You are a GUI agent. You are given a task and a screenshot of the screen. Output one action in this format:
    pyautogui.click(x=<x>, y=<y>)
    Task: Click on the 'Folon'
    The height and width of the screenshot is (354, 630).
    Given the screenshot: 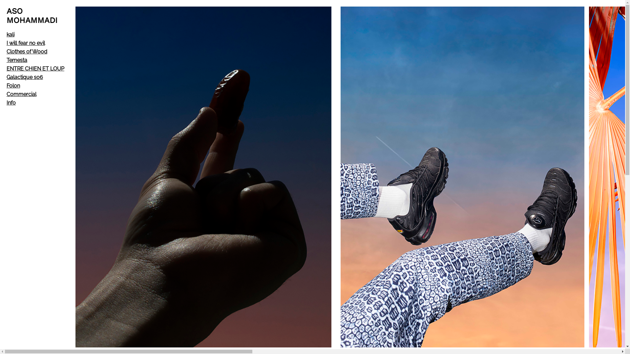 What is the action you would take?
    pyautogui.click(x=13, y=85)
    